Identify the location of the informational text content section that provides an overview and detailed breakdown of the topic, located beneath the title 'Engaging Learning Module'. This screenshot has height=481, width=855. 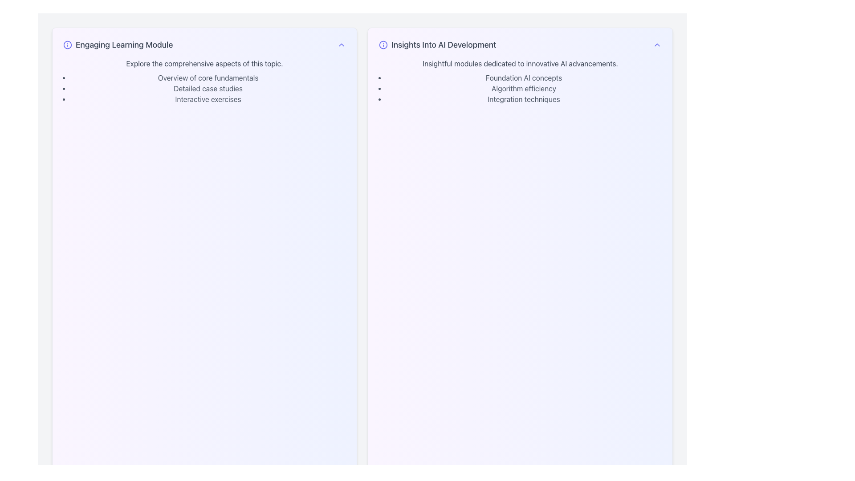
(204, 81).